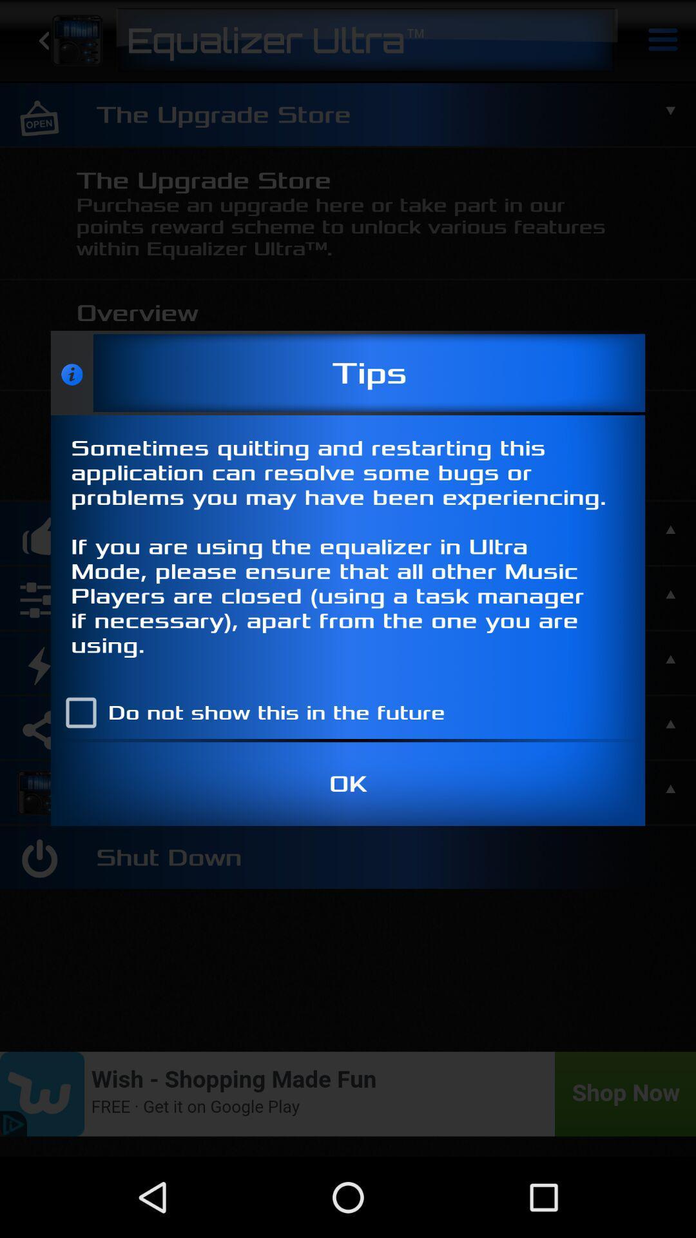 The image size is (696, 1238). I want to click on the ok icon, so click(348, 783).